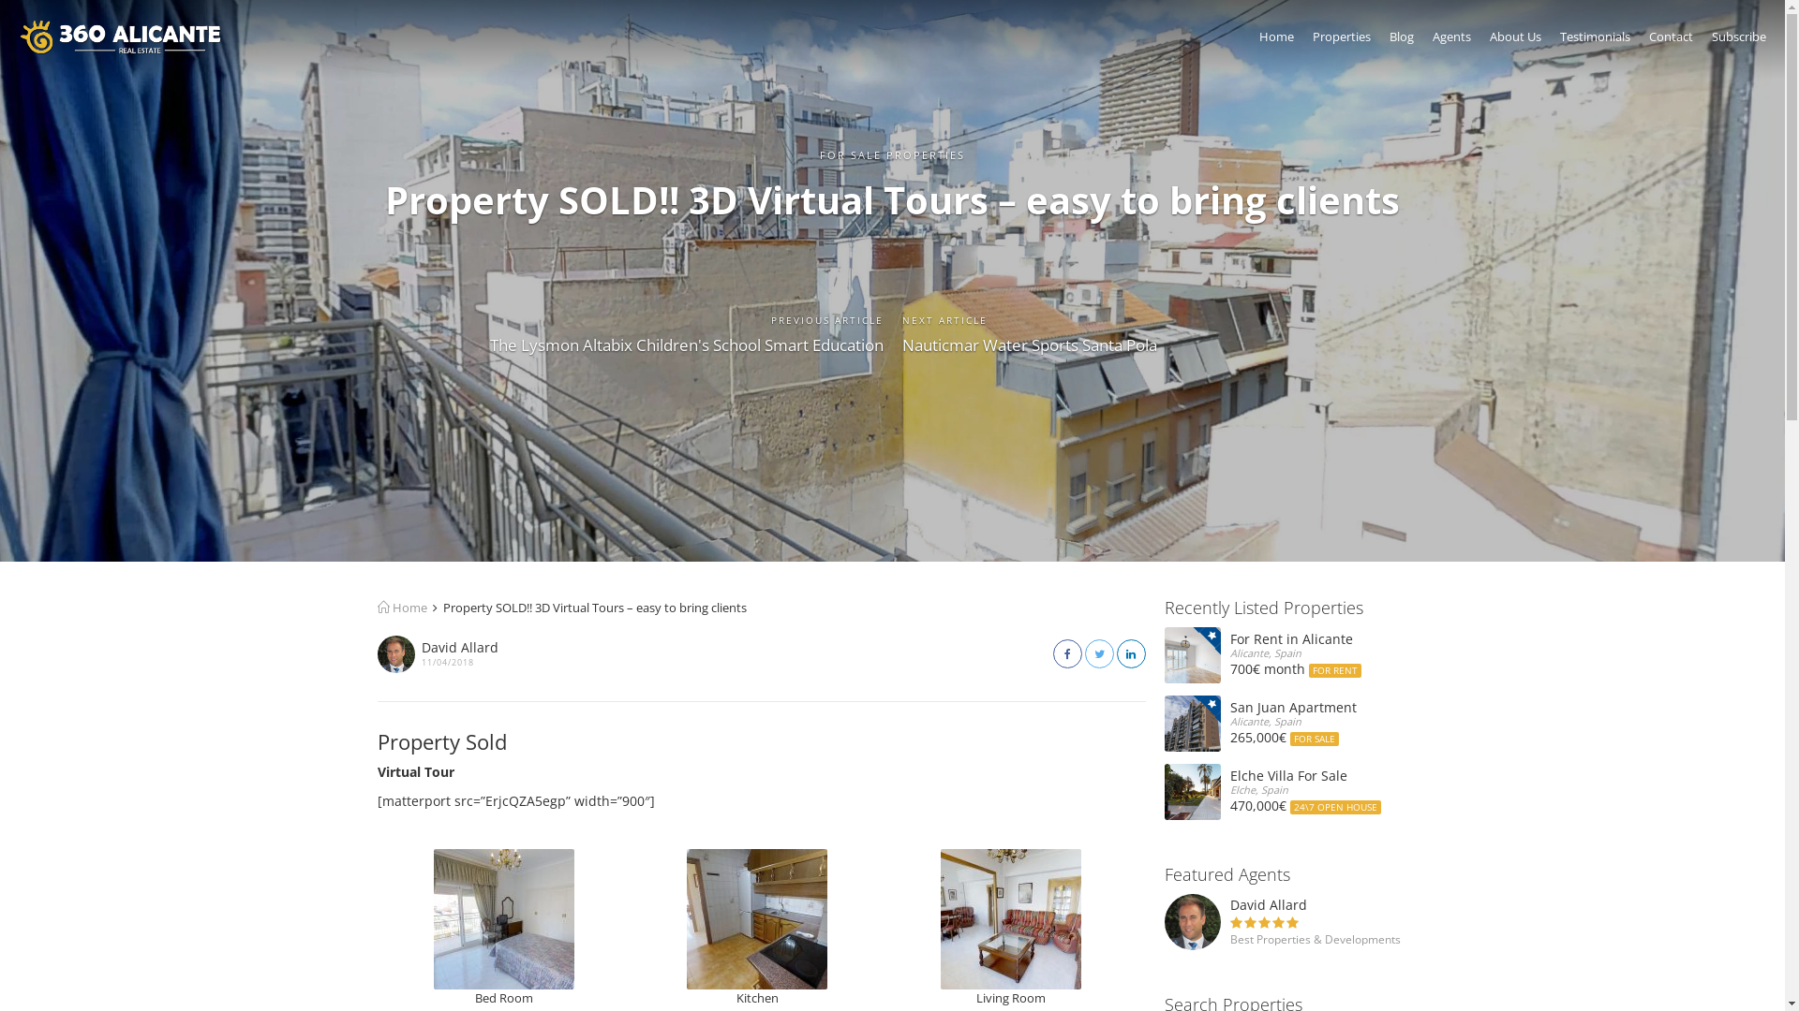 This screenshot has height=1011, width=1799. Describe the element at coordinates (1259, 41) in the screenshot. I see `'Home'` at that location.